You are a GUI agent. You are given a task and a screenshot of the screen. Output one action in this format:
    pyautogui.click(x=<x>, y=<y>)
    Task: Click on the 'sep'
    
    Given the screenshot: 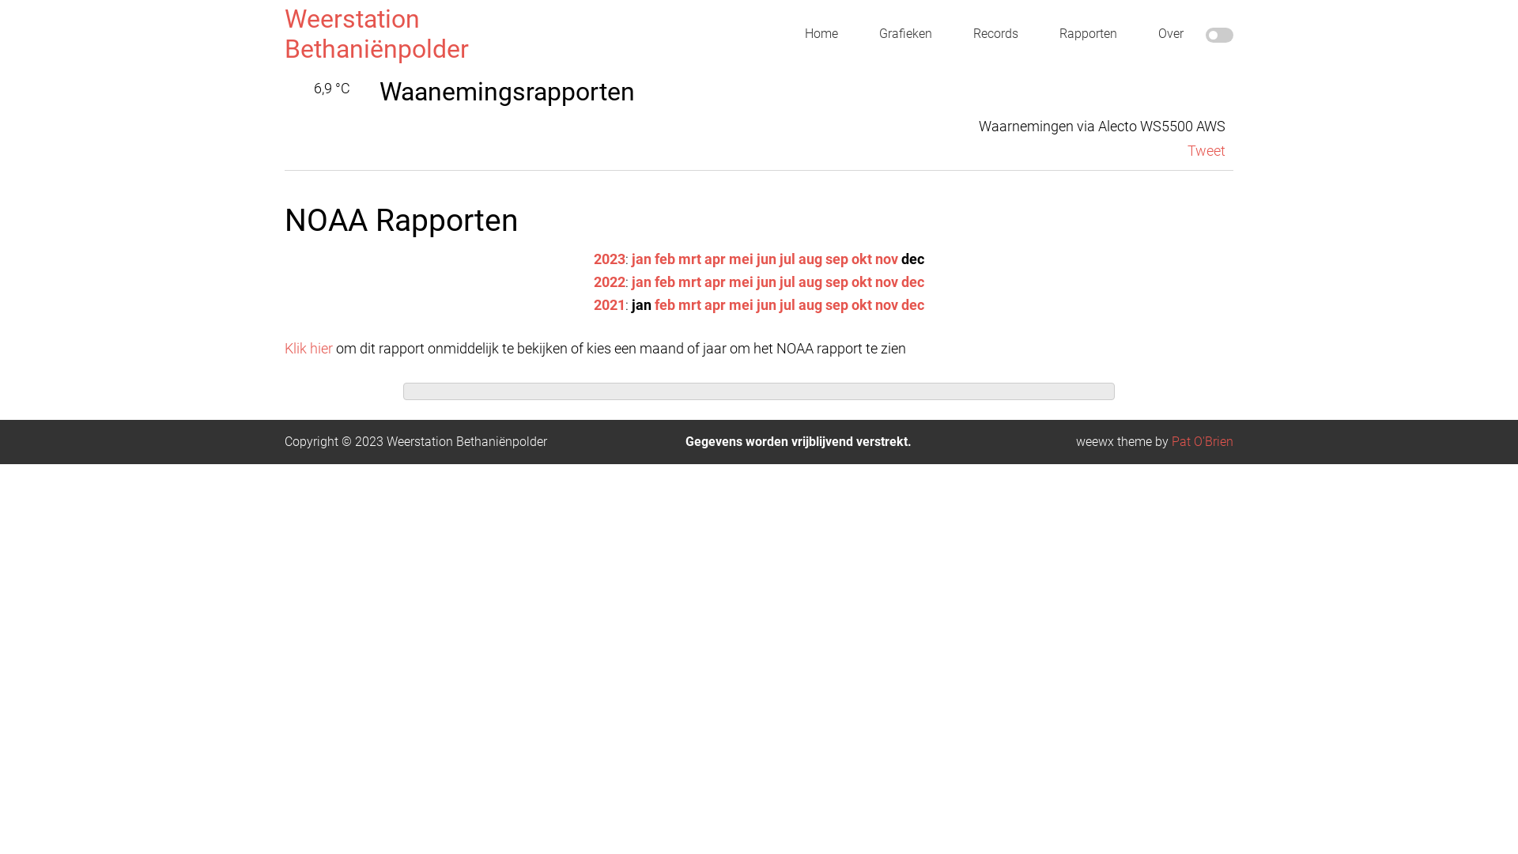 What is the action you would take?
    pyautogui.click(x=824, y=258)
    